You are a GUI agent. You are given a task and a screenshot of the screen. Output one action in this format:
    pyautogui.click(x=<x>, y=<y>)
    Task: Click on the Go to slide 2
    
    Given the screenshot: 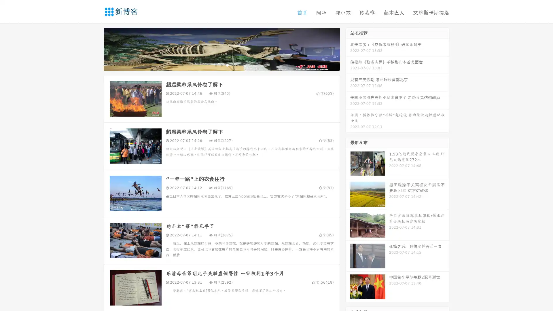 What is the action you would take?
    pyautogui.click(x=221, y=65)
    